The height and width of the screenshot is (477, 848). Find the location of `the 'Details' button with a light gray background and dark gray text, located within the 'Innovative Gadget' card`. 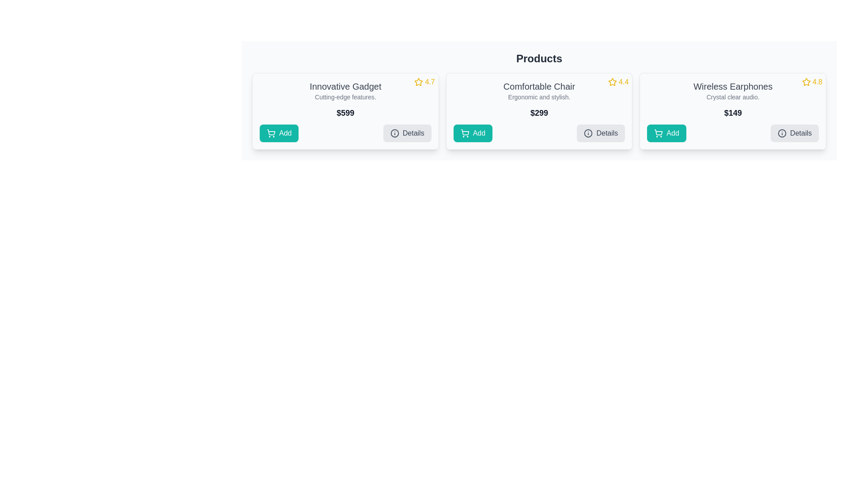

the 'Details' button with a light gray background and dark gray text, located within the 'Innovative Gadget' card is located at coordinates (407, 133).